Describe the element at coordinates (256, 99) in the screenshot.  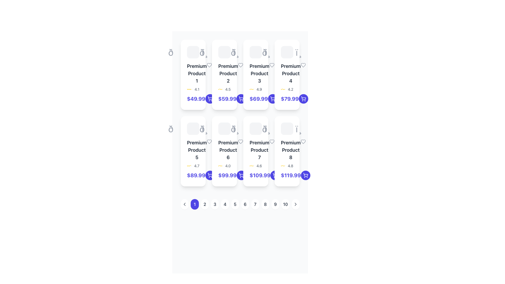
I see `the price label displaying '$69.99' in bold indigo text within the third product card to possibly trigger a tooltip` at that location.